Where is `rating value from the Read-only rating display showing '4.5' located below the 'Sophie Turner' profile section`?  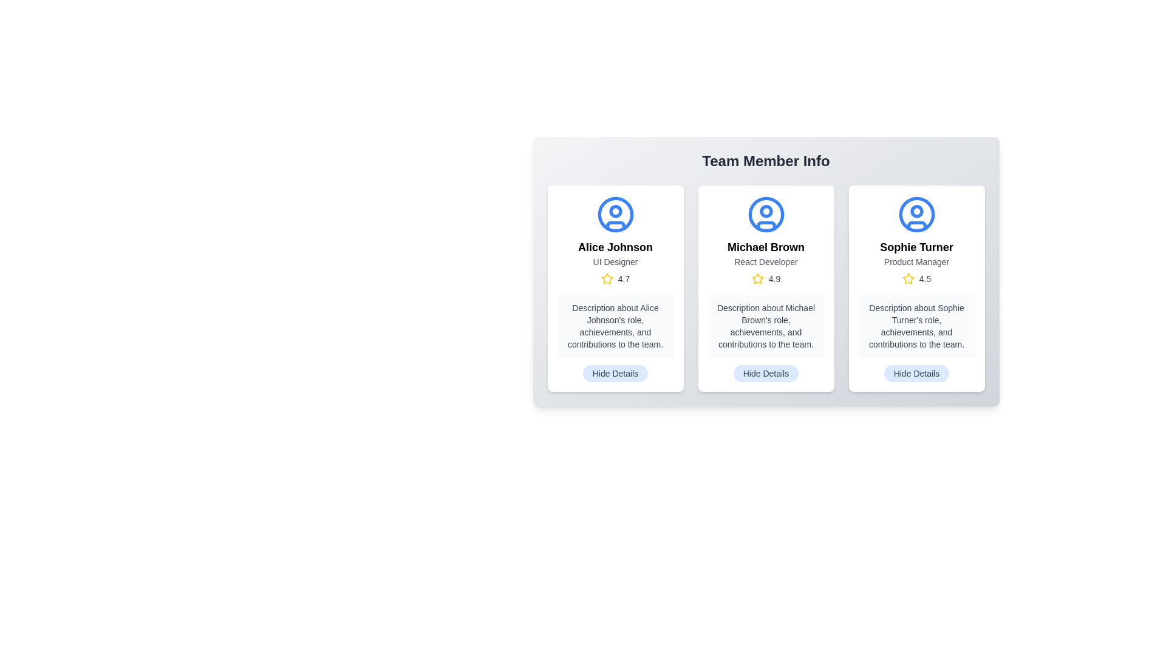 rating value from the Read-only rating display showing '4.5' located below the 'Sophie Turner' profile section is located at coordinates (916, 278).